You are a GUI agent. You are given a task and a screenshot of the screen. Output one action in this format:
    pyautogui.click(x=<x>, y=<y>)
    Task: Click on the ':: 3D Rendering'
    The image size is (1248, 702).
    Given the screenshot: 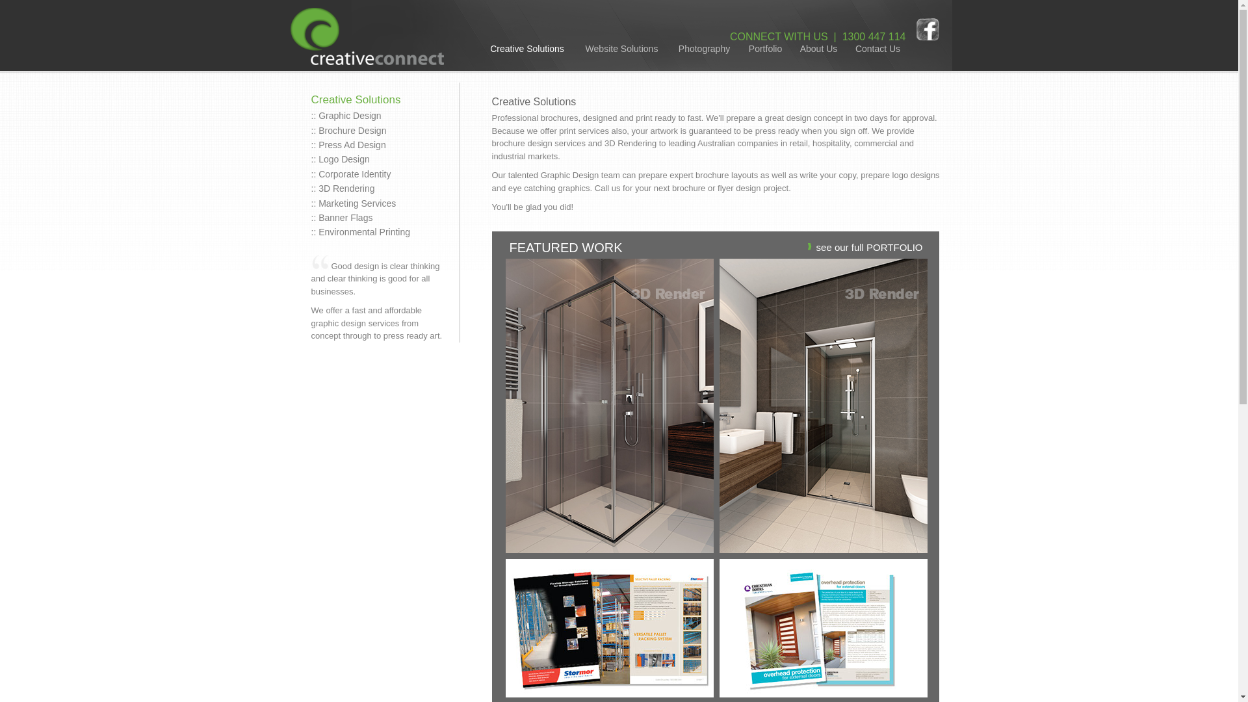 What is the action you would take?
    pyautogui.click(x=310, y=188)
    